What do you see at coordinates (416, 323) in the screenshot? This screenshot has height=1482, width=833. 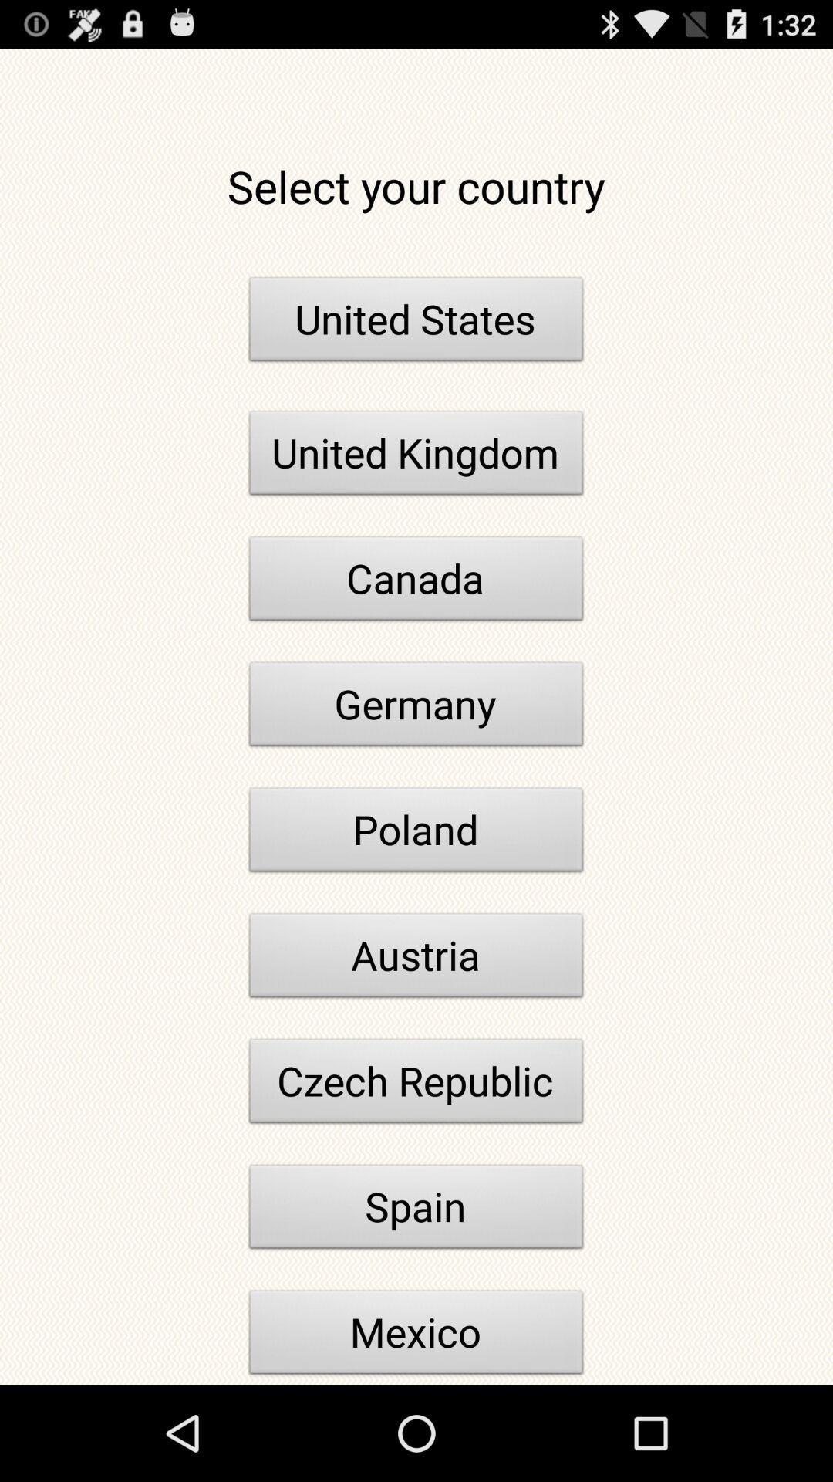 I see `the united states` at bounding box center [416, 323].